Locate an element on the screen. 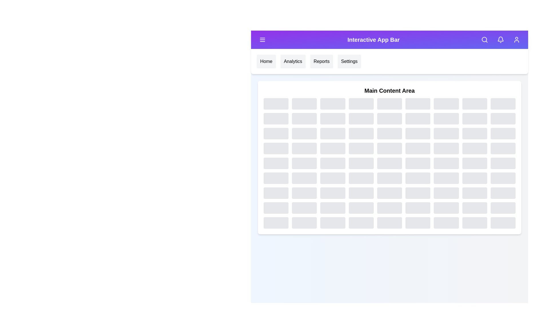 This screenshot has height=309, width=549. the bell icon to toggle the notifications is located at coordinates (500, 39).